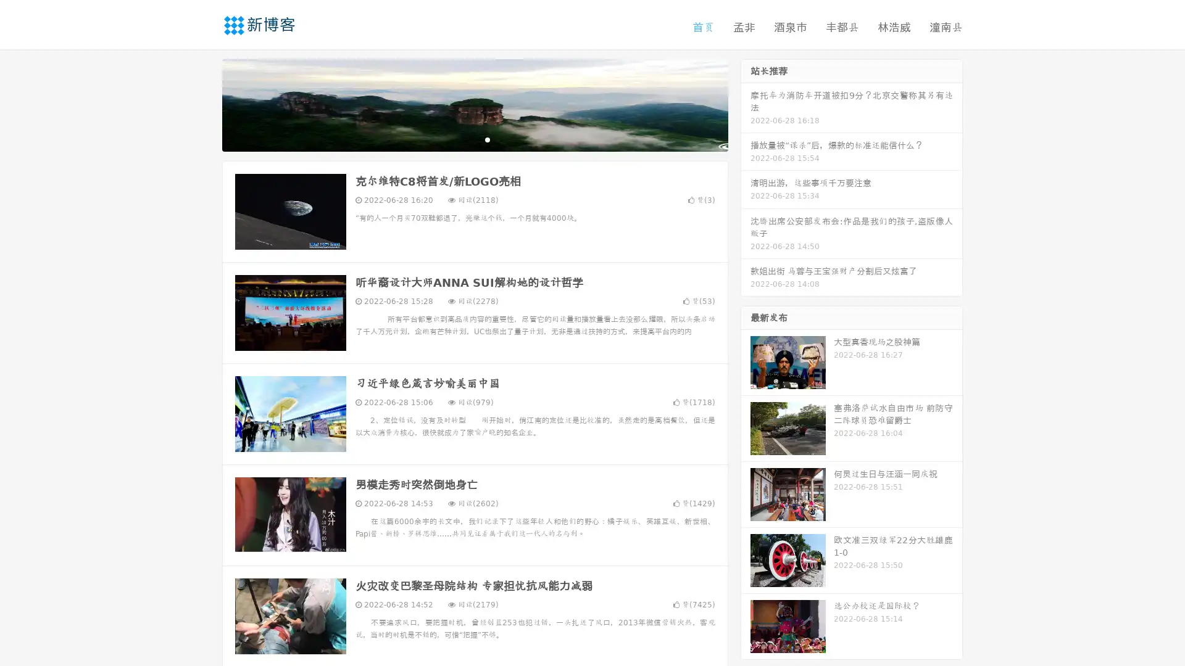 The height and width of the screenshot is (666, 1185). Describe the element at coordinates (487, 139) in the screenshot. I see `Go to slide 3` at that location.